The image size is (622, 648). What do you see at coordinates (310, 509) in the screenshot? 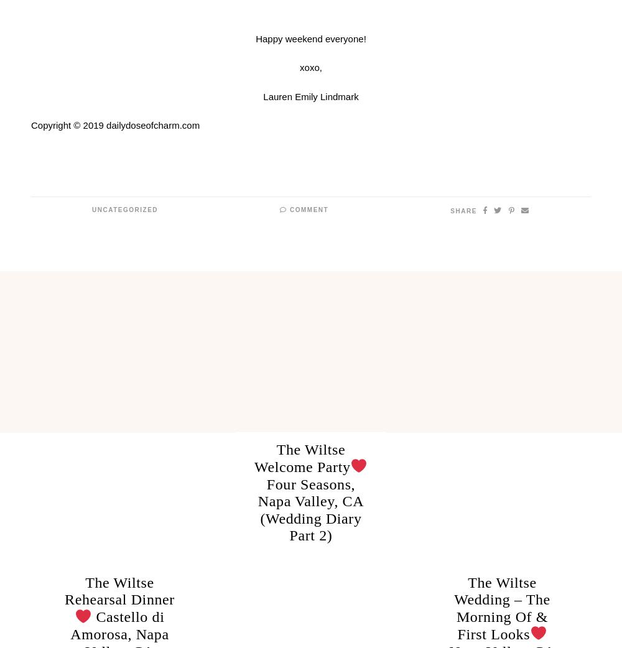
I see `'Four Seasons, Napa Valley, CA (Wedding Diary Part 2)'` at bounding box center [310, 509].